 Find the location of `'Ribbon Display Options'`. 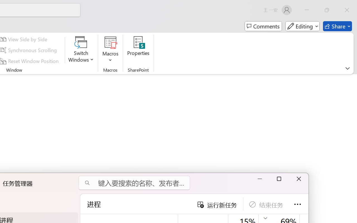

'Ribbon Display Options' is located at coordinates (347, 68).